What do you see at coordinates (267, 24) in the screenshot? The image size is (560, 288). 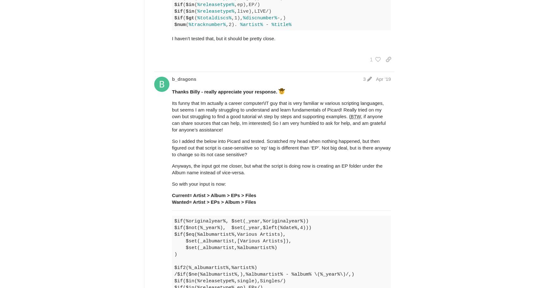 I see `'-'` at bounding box center [267, 24].